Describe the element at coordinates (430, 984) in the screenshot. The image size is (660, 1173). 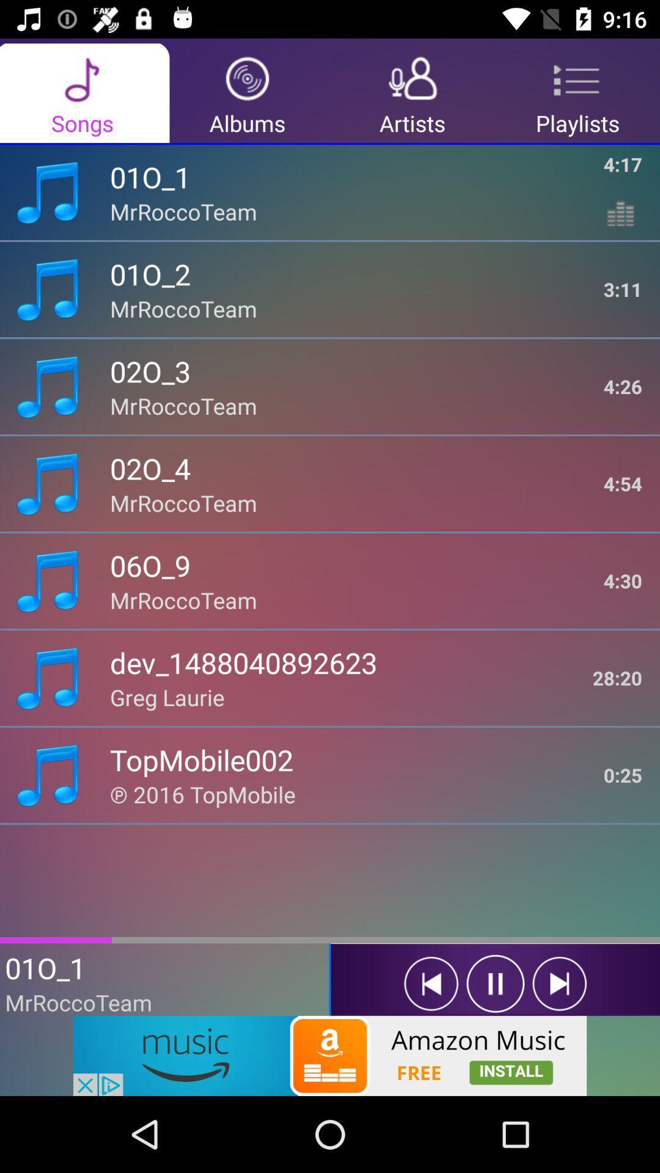
I see `the skip_previous icon` at that location.